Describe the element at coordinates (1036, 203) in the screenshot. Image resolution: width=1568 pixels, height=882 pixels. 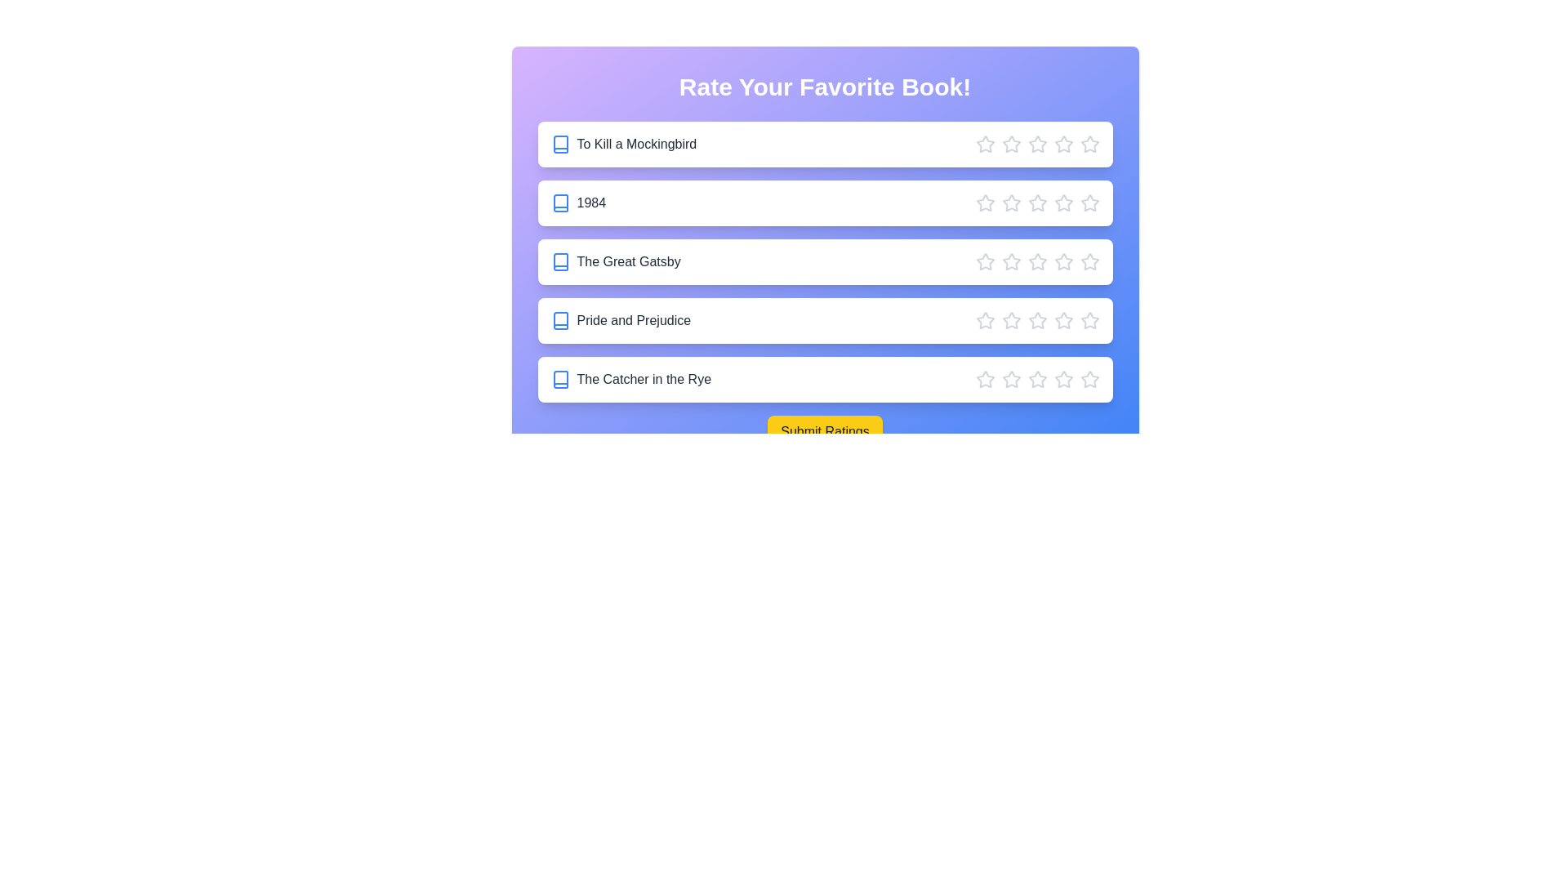
I see `the star corresponding to 3 stars for the book '1984'` at that location.